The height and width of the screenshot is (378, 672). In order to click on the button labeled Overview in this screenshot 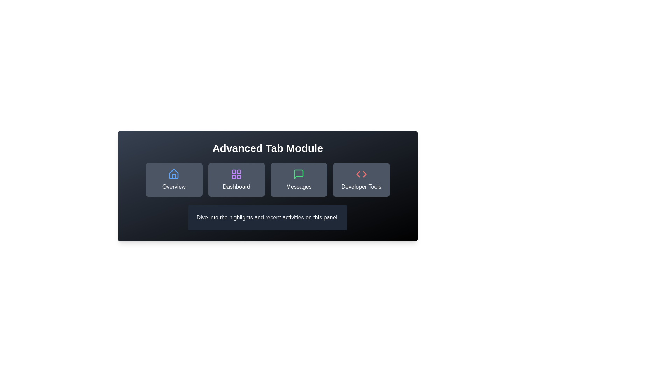, I will do `click(174, 179)`.